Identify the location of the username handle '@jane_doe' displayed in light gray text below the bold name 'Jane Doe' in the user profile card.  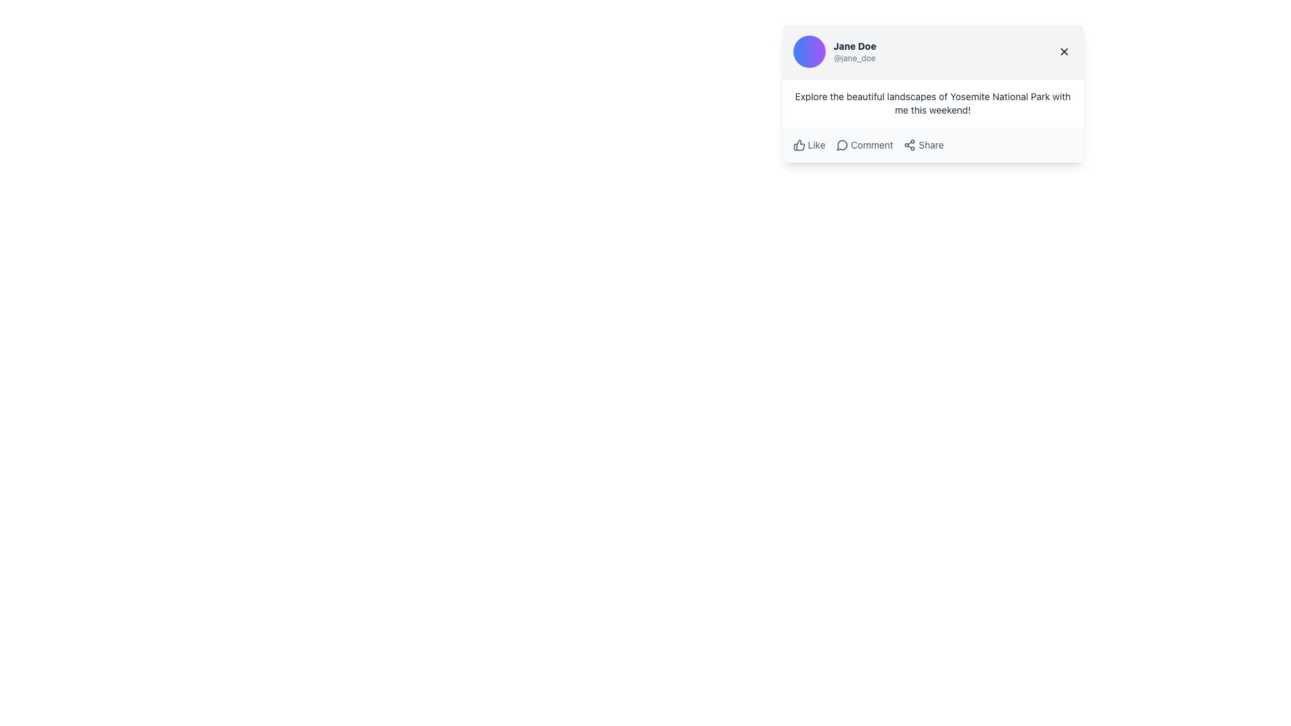
(854, 58).